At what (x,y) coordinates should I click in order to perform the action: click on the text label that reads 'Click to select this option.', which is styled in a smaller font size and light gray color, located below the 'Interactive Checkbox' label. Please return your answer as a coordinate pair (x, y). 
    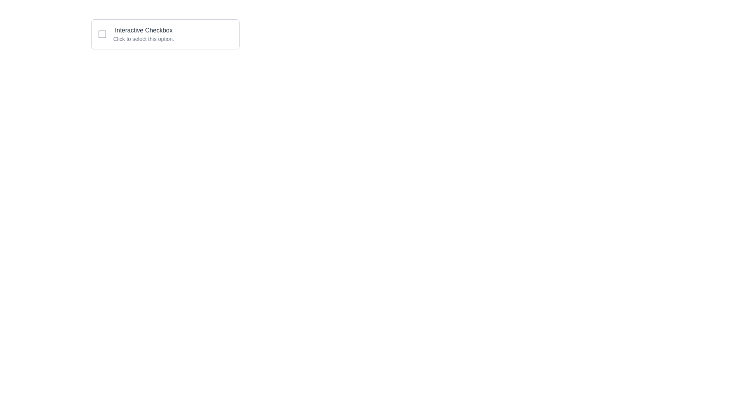
    Looking at the image, I should click on (143, 39).